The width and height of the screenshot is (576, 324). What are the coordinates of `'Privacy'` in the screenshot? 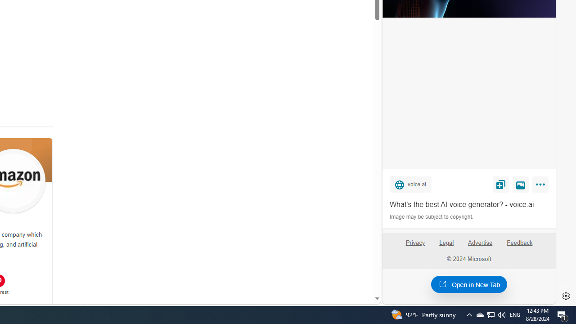 It's located at (414, 246).